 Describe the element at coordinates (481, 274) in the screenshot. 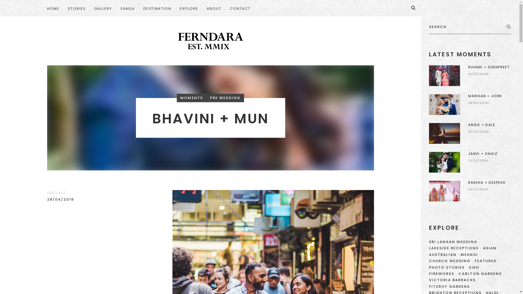

I see `'CARLTON GARDENS'` at that location.